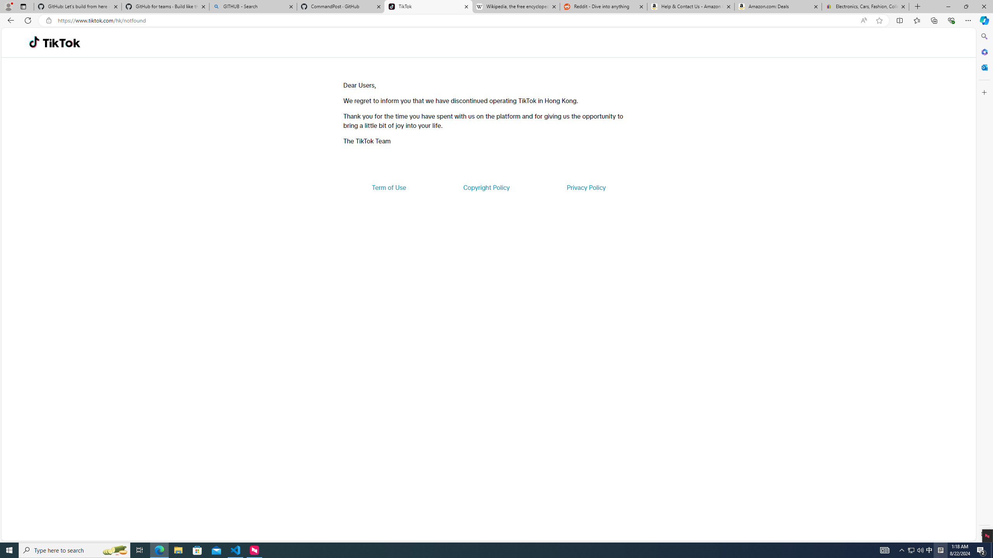  What do you see at coordinates (253, 6) in the screenshot?
I see `'GITHUB - Search'` at bounding box center [253, 6].